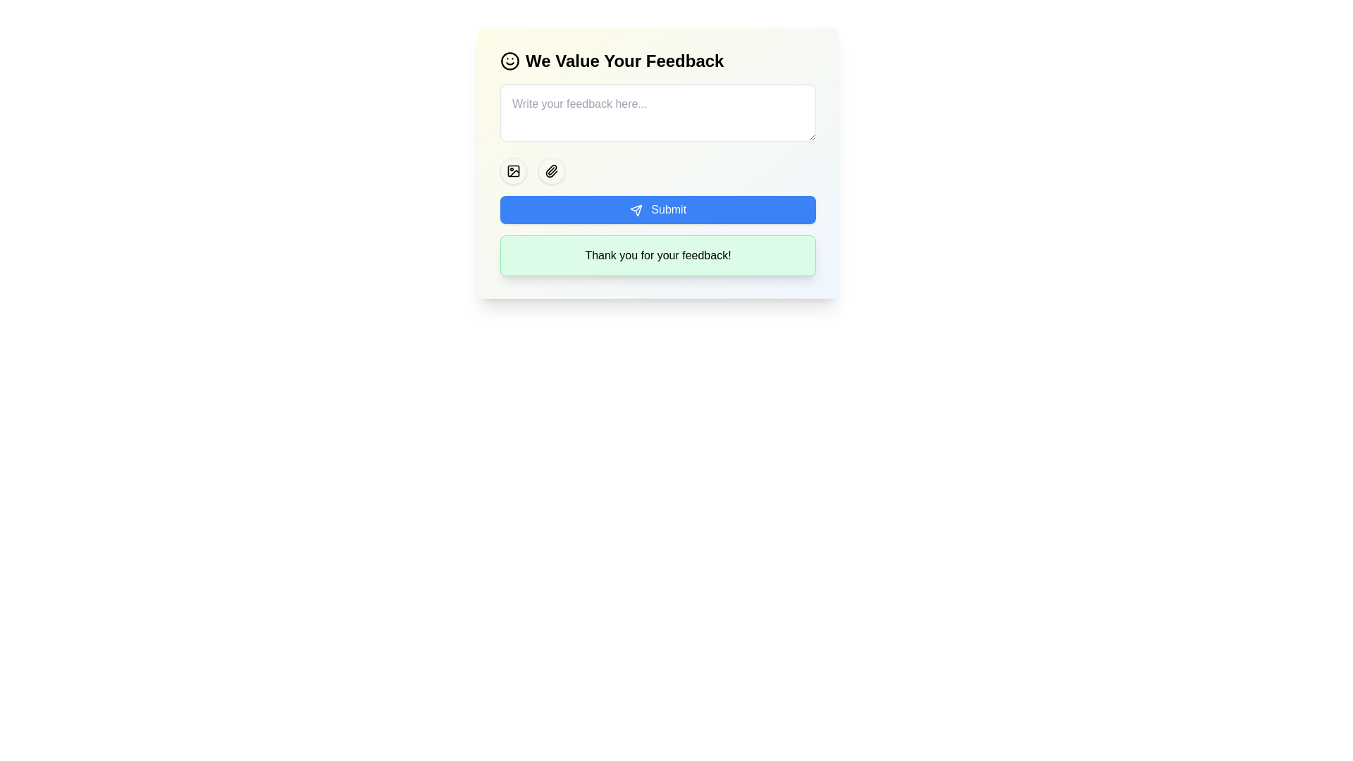 The height and width of the screenshot is (761, 1353). Describe the element at coordinates (513, 171) in the screenshot. I see `the small black image thumbnail icon within the circular button located near the top left of the feedback interface section, just below the text input field` at that location.